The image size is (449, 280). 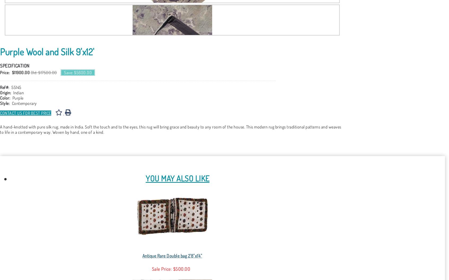 I want to click on 'Ref#:', so click(x=4, y=87).